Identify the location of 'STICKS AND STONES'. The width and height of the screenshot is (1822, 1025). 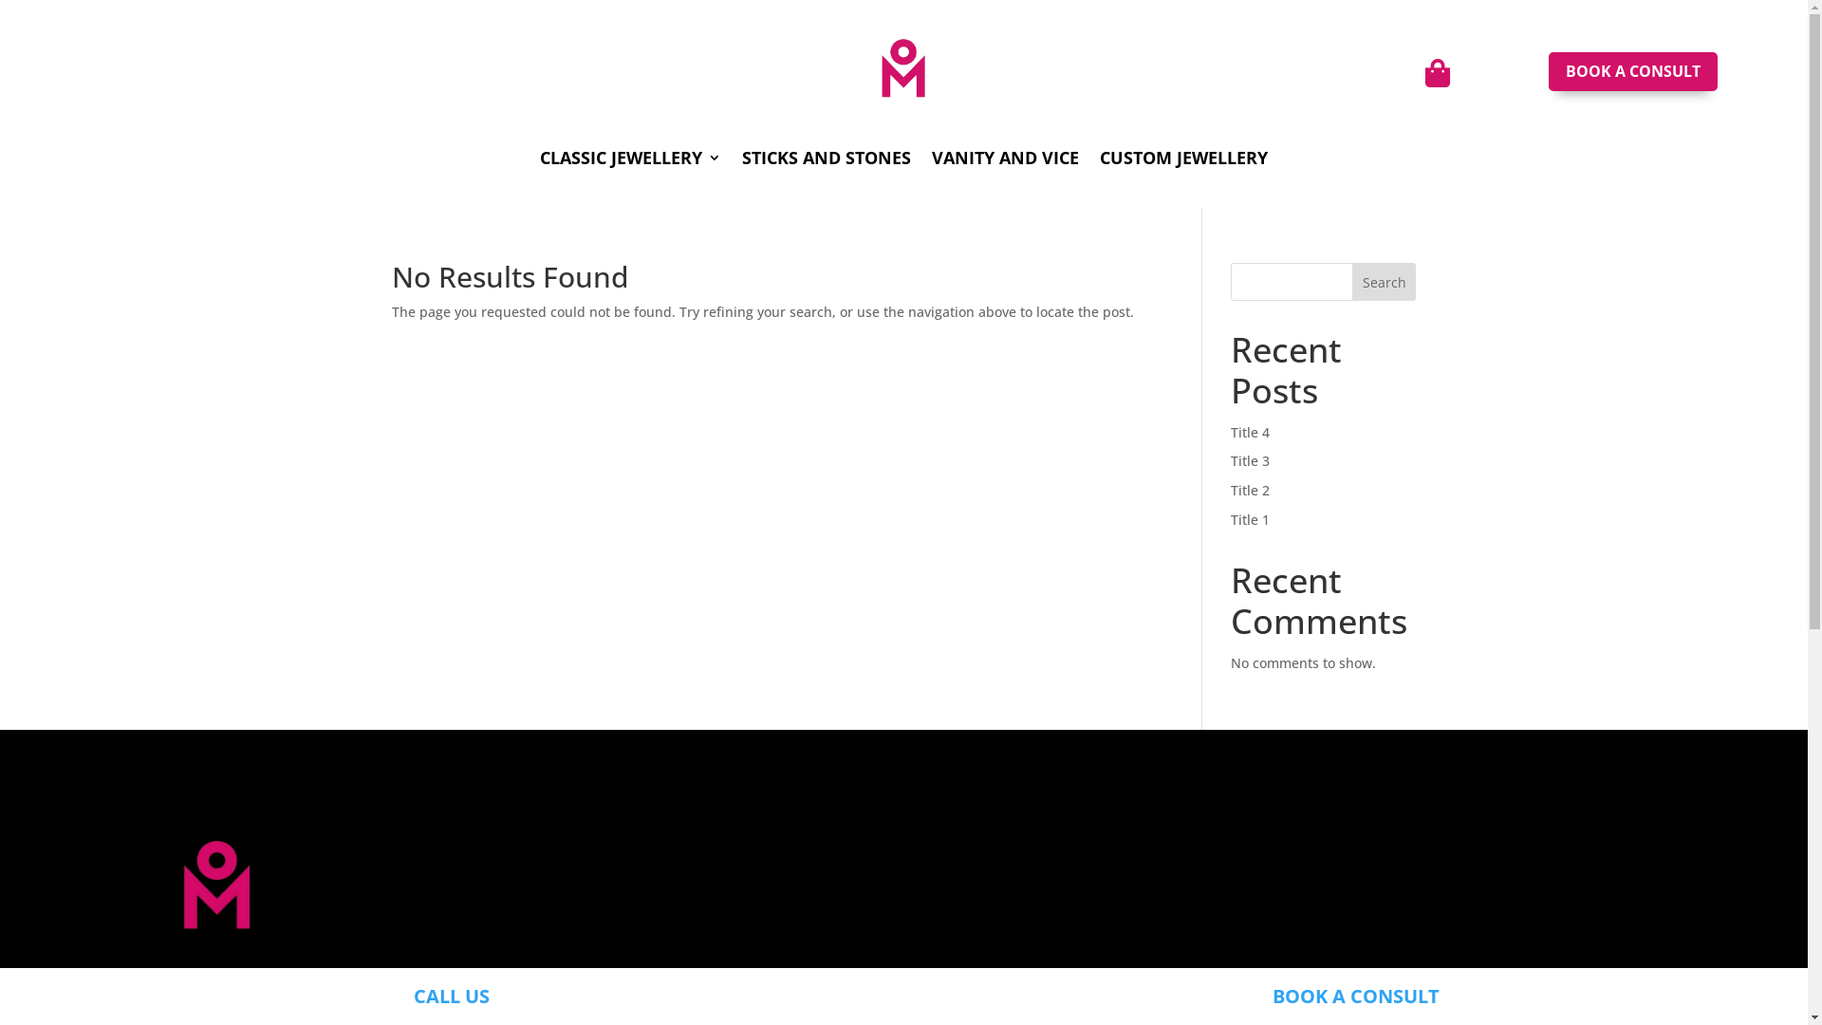
(826, 159).